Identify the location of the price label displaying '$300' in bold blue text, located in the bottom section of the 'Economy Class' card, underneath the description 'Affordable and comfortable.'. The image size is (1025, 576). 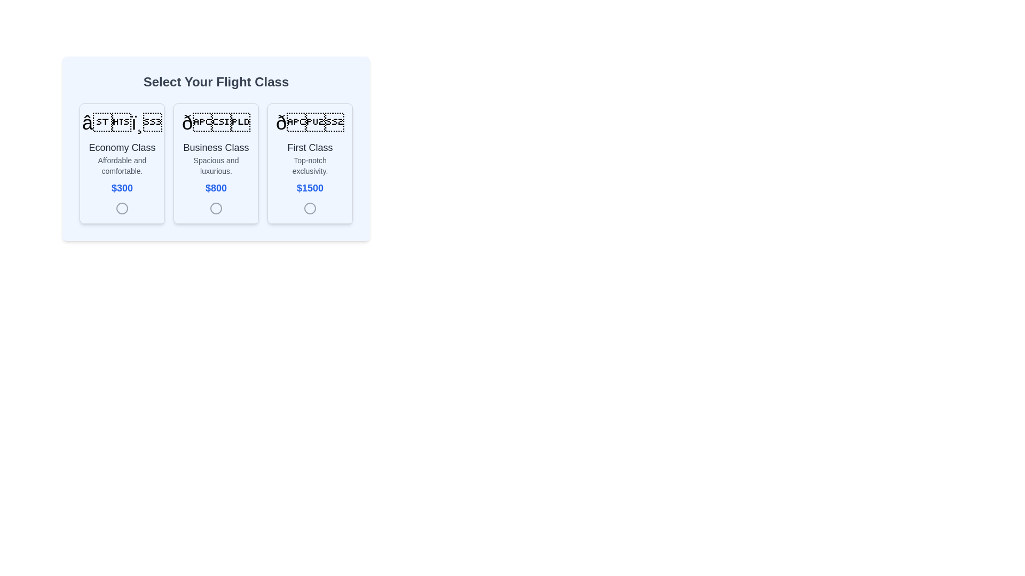
(122, 188).